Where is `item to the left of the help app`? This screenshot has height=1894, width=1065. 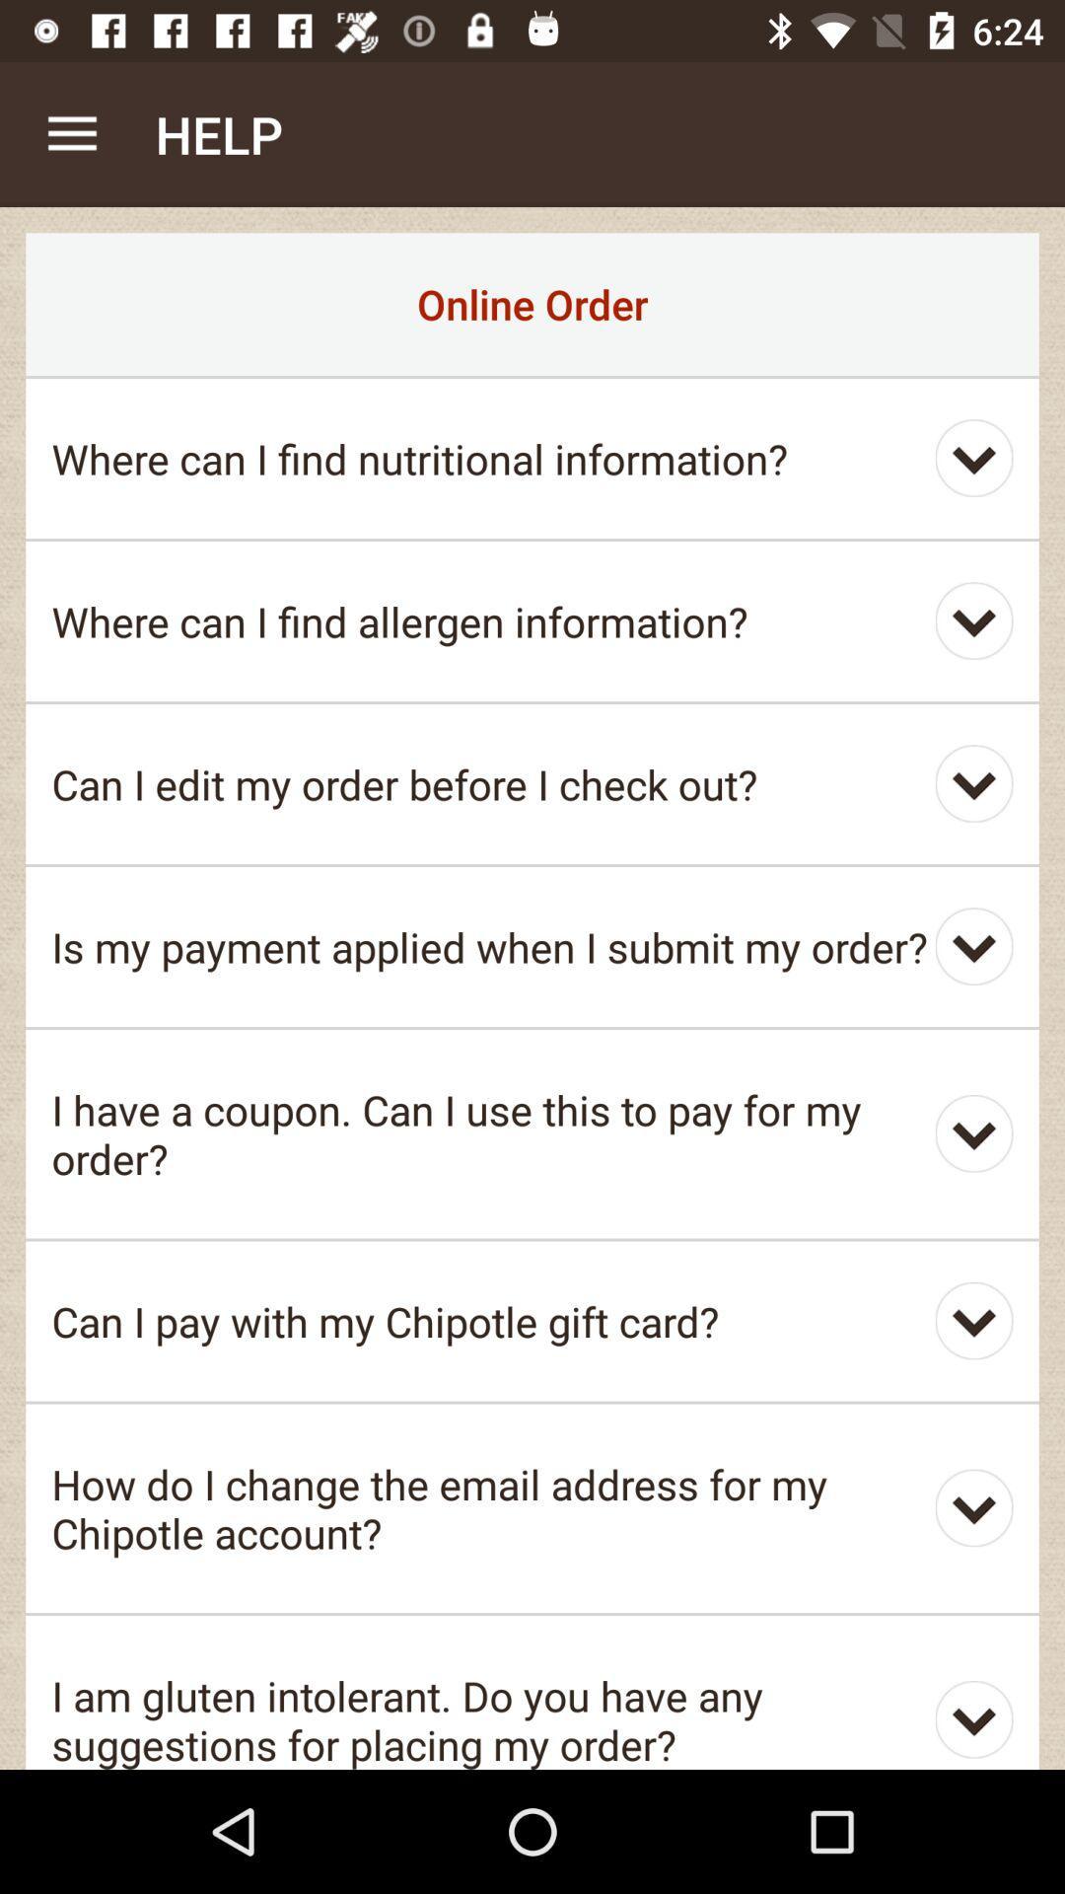 item to the left of the help app is located at coordinates (71, 133).